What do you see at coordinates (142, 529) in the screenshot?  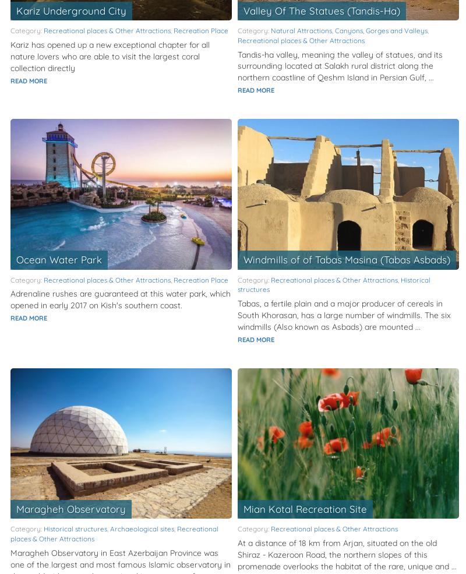 I see `'Archaeological sites'` at bounding box center [142, 529].